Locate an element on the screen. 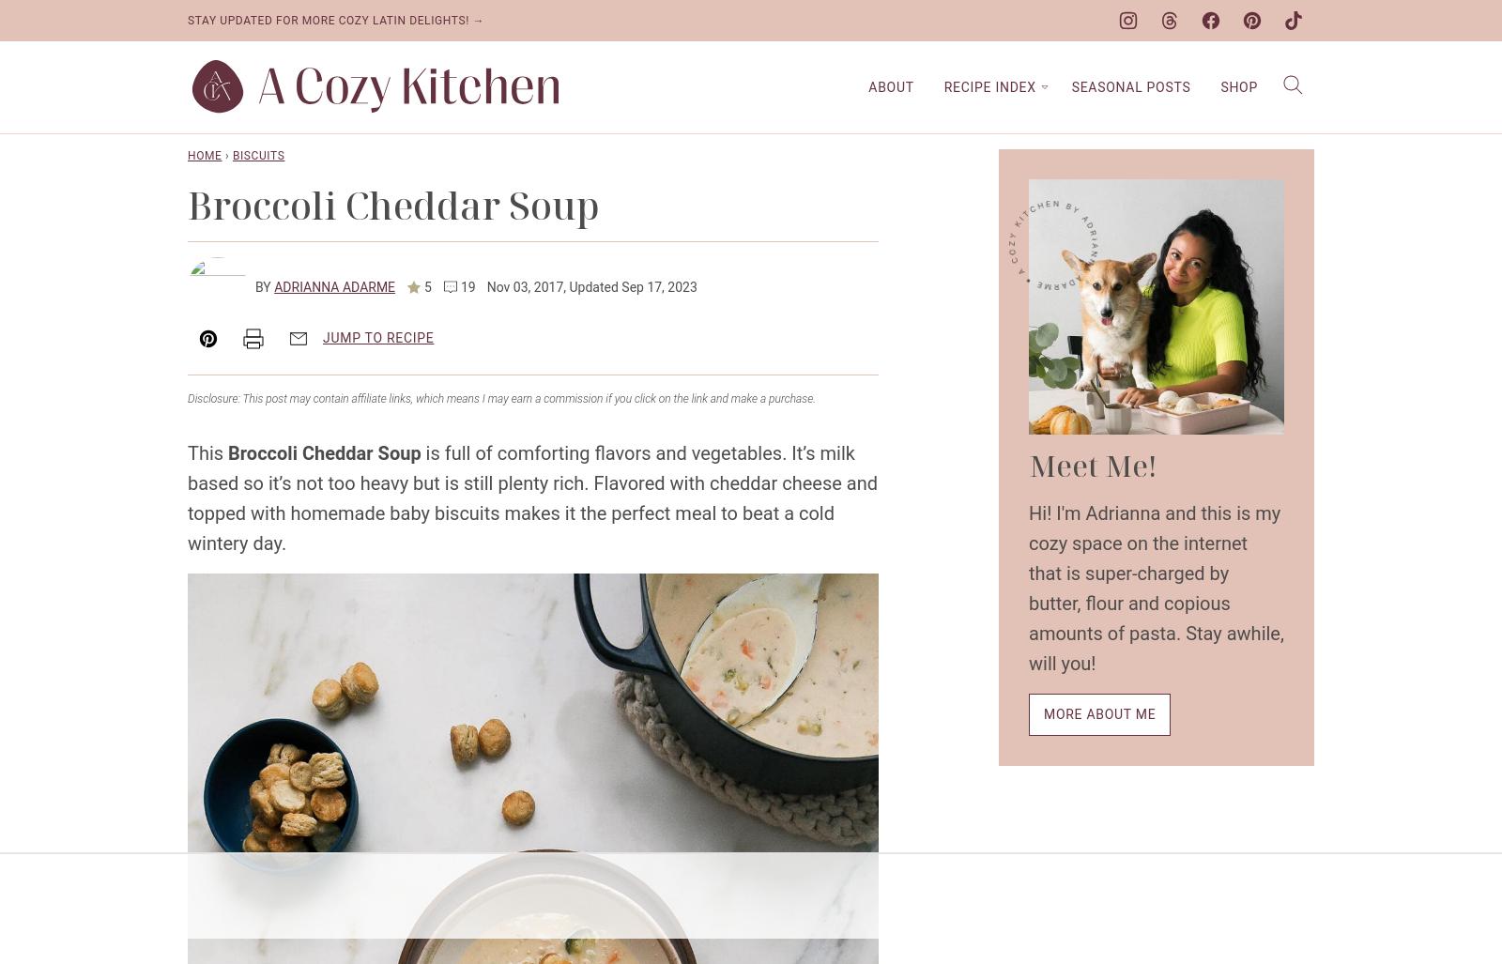 Image resolution: width=1502 pixels, height=964 pixels. 'Adrianna Adarme' is located at coordinates (334, 285).